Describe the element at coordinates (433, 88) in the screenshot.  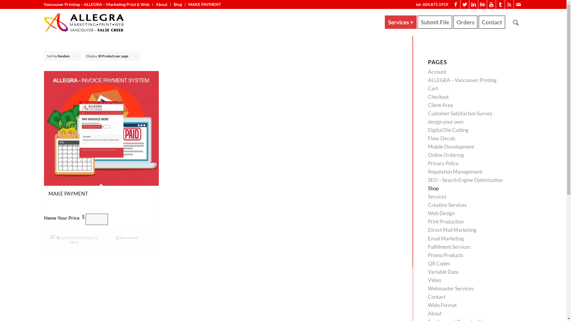
I see `'Cart'` at that location.